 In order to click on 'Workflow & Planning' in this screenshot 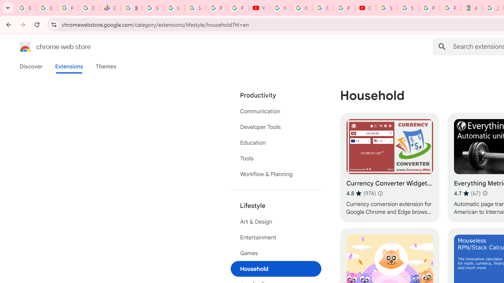, I will do `click(276, 174)`.